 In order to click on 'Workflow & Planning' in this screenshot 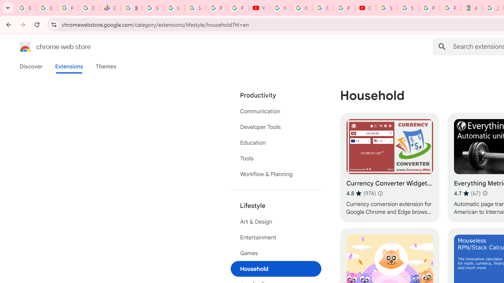, I will do `click(276, 174)`.